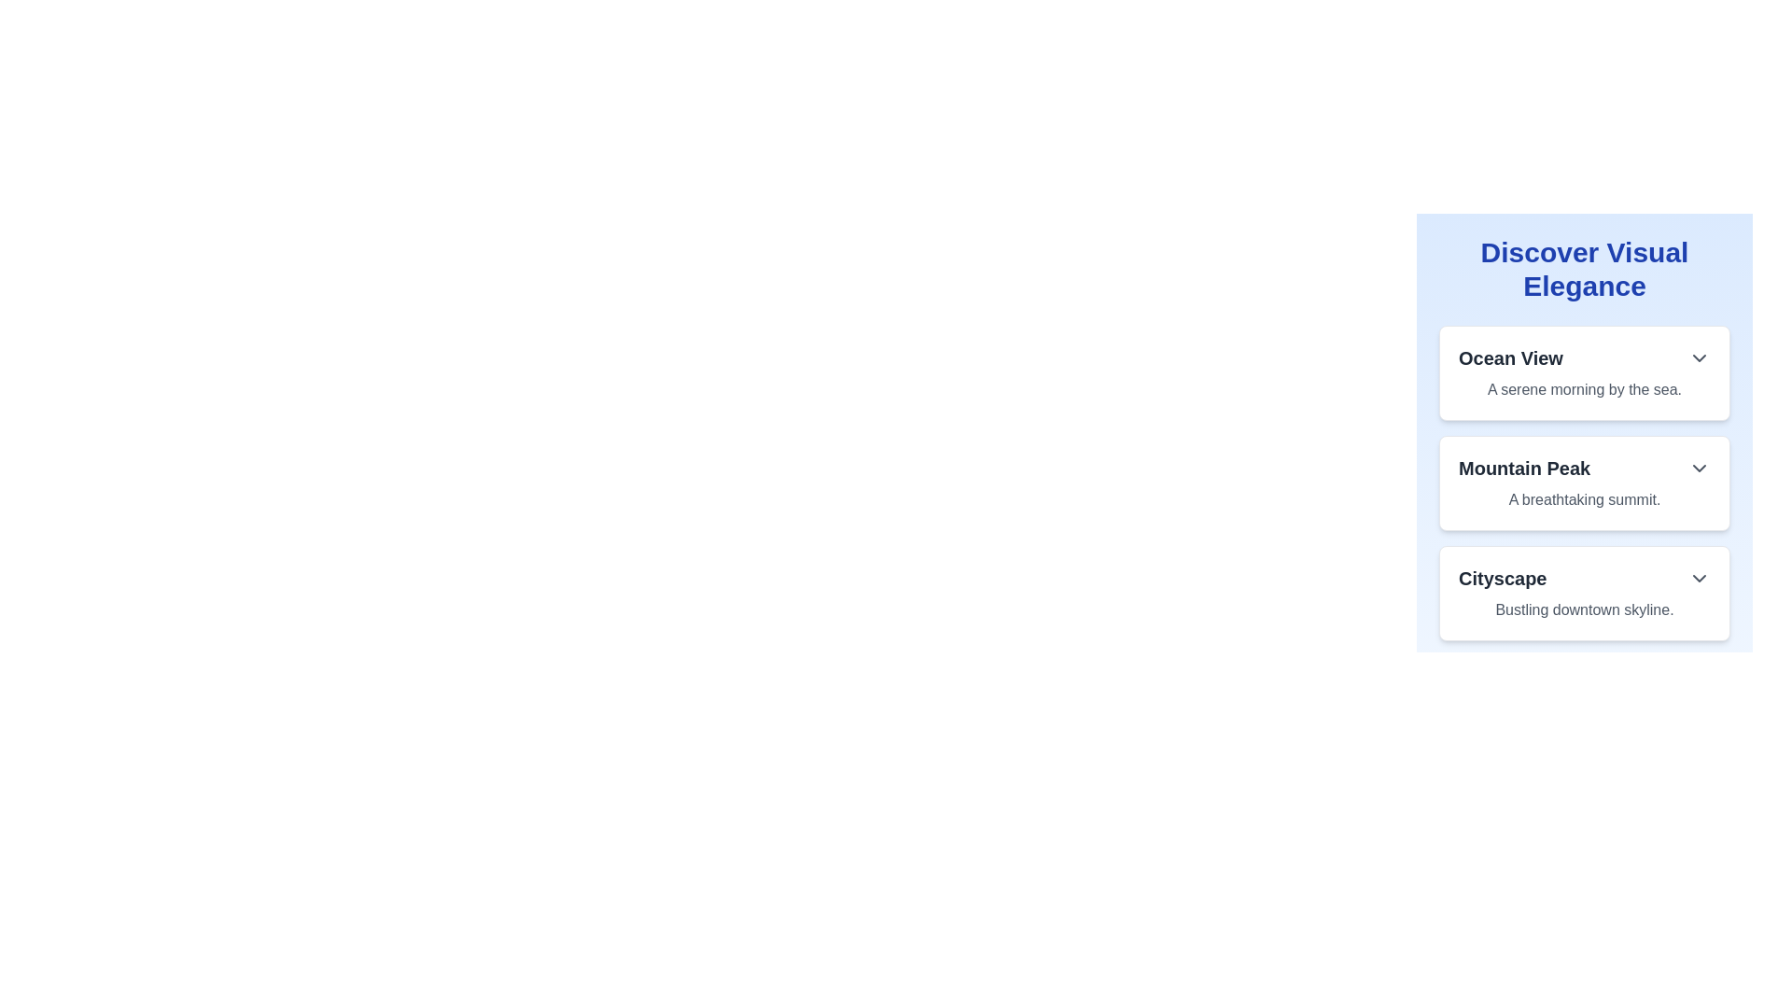 This screenshot has width=1792, height=1008. Describe the element at coordinates (1584, 482) in the screenshot. I see `the second informational card` at that location.